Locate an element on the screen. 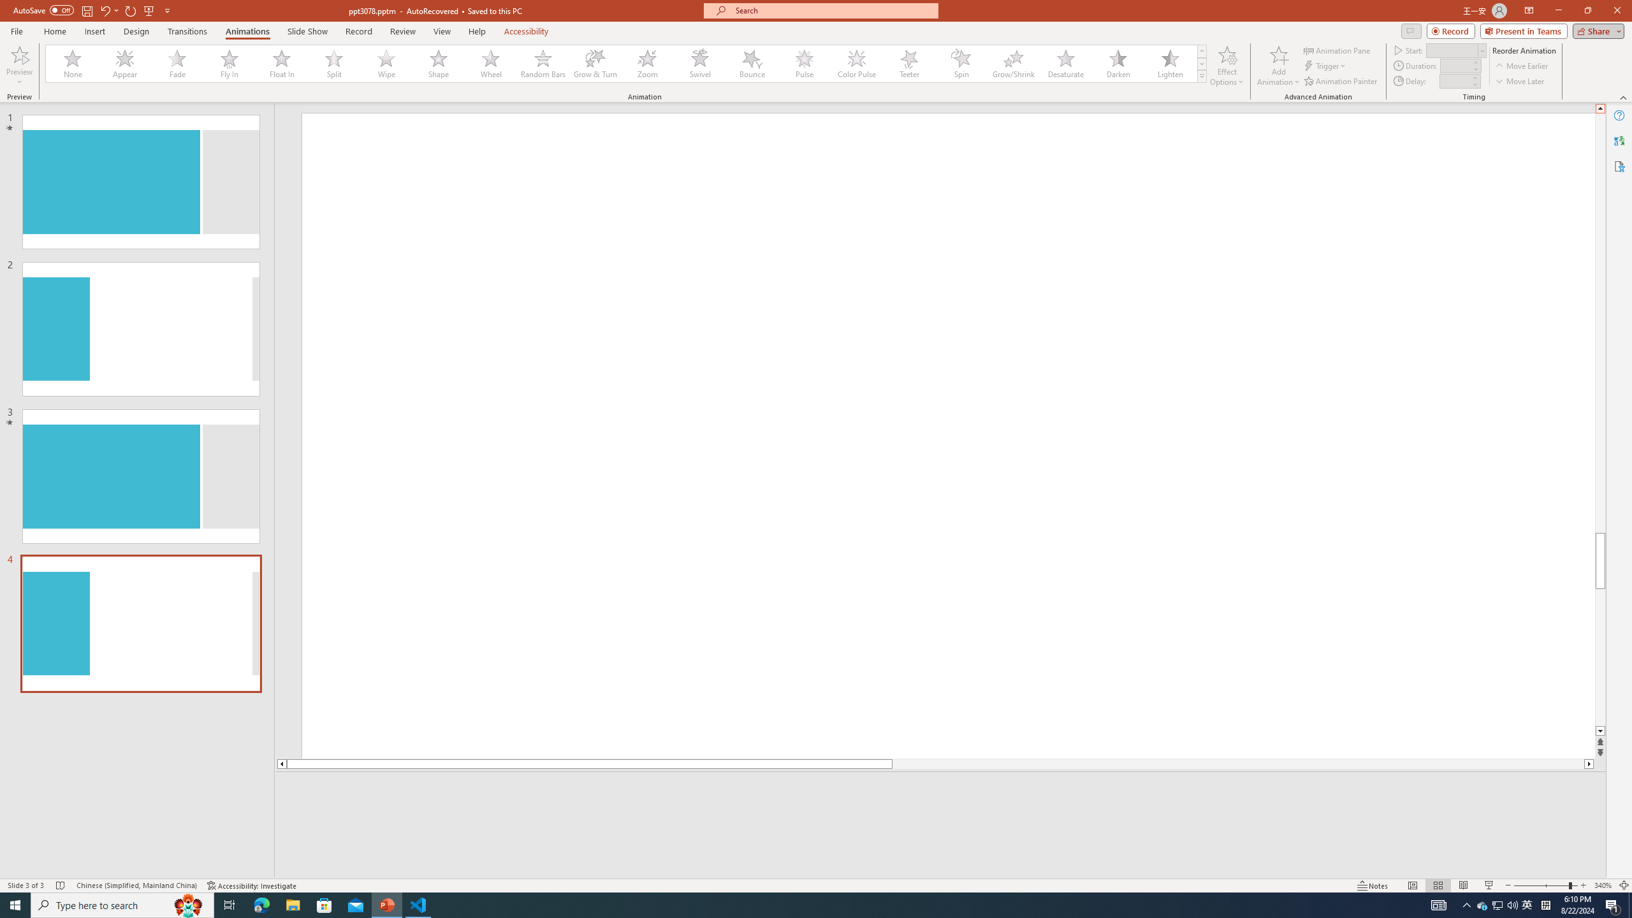  'Grow & Turn' is located at coordinates (595, 63).